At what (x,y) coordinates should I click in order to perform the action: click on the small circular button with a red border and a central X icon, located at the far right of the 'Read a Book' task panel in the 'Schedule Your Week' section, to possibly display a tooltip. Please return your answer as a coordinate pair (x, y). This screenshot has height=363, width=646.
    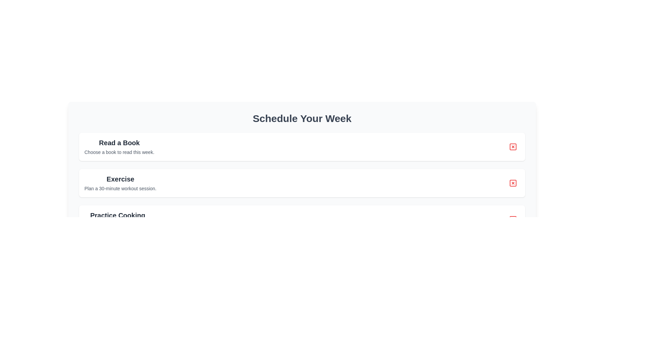
    Looking at the image, I should click on (513, 146).